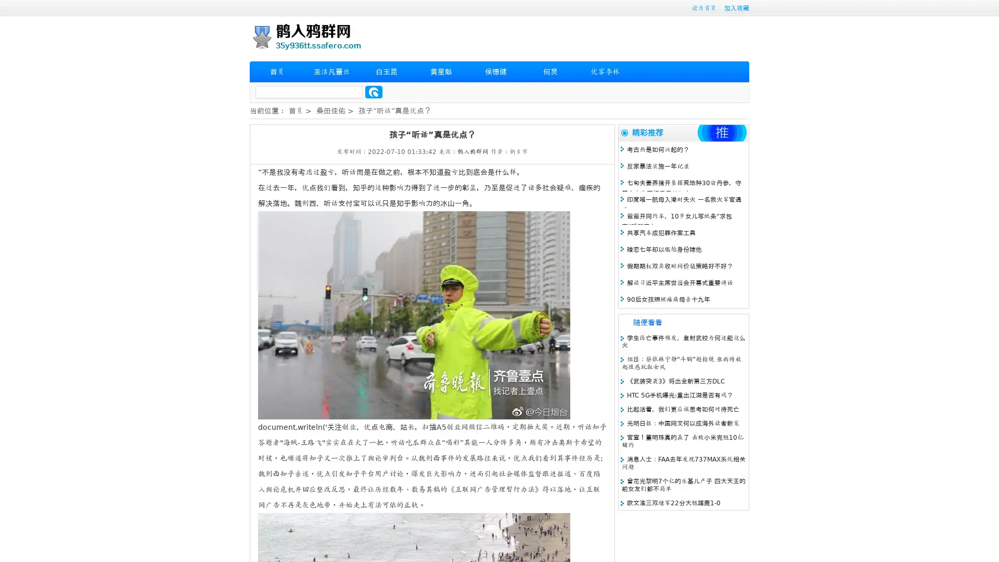 This screenshot has width=999, height=562. I want to click on Search, so click(374, 92).